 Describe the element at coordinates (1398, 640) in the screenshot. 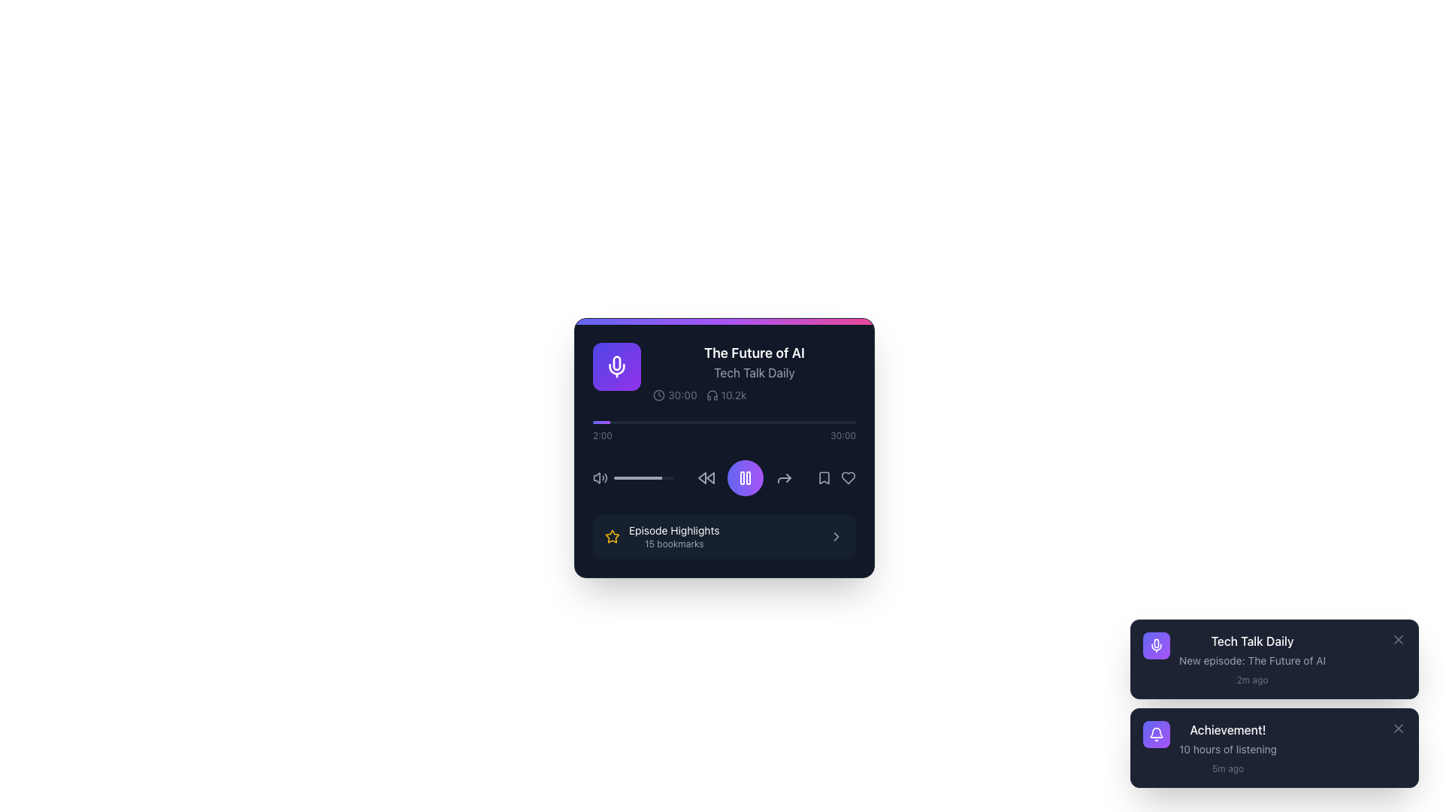

I see `the close button located in the top-right corner of the 'Tech Talk Daily' notification to change its color` at that location.